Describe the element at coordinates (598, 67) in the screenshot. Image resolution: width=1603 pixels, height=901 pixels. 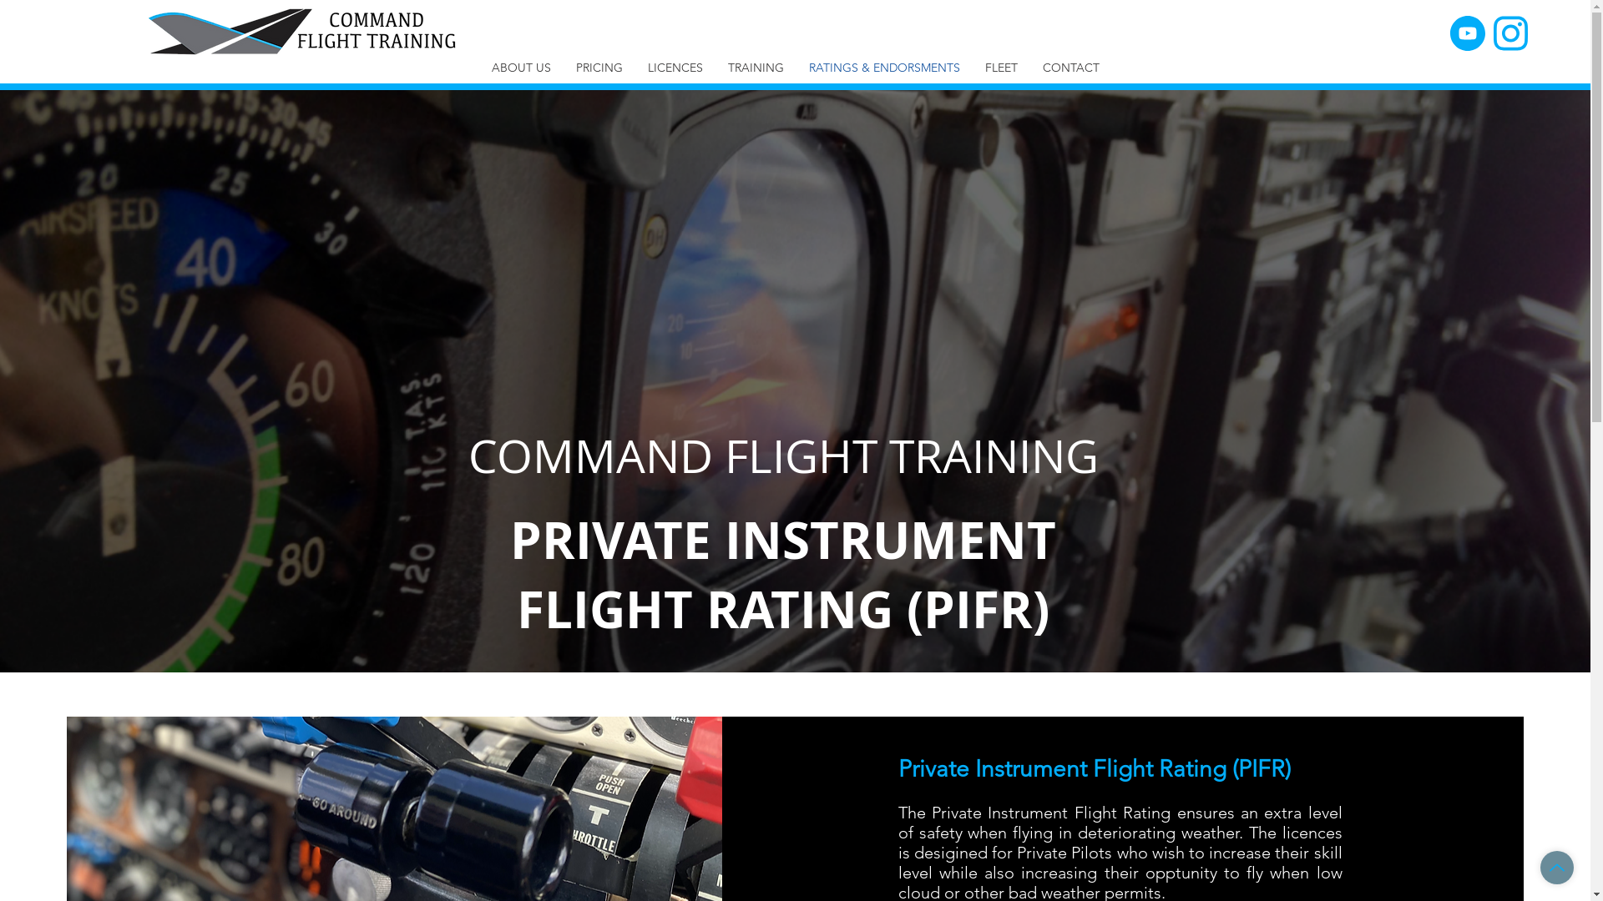
I see `'PRICING'` at that location.